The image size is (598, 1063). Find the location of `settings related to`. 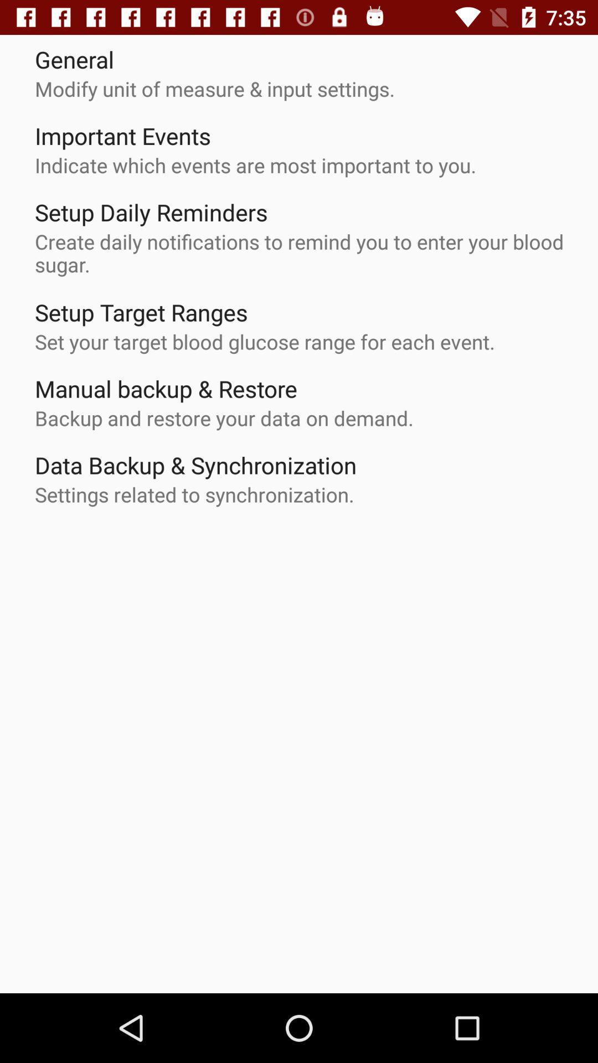

settings related to is located at coordinates (194, 494).